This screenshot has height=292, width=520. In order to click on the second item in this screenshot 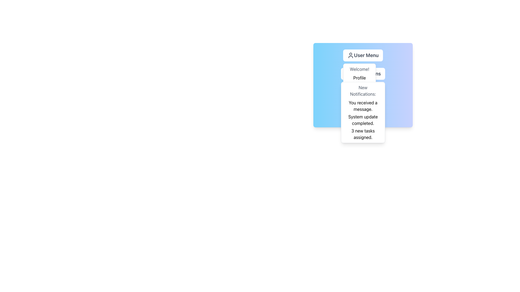, I will do `click(363, 74)`.